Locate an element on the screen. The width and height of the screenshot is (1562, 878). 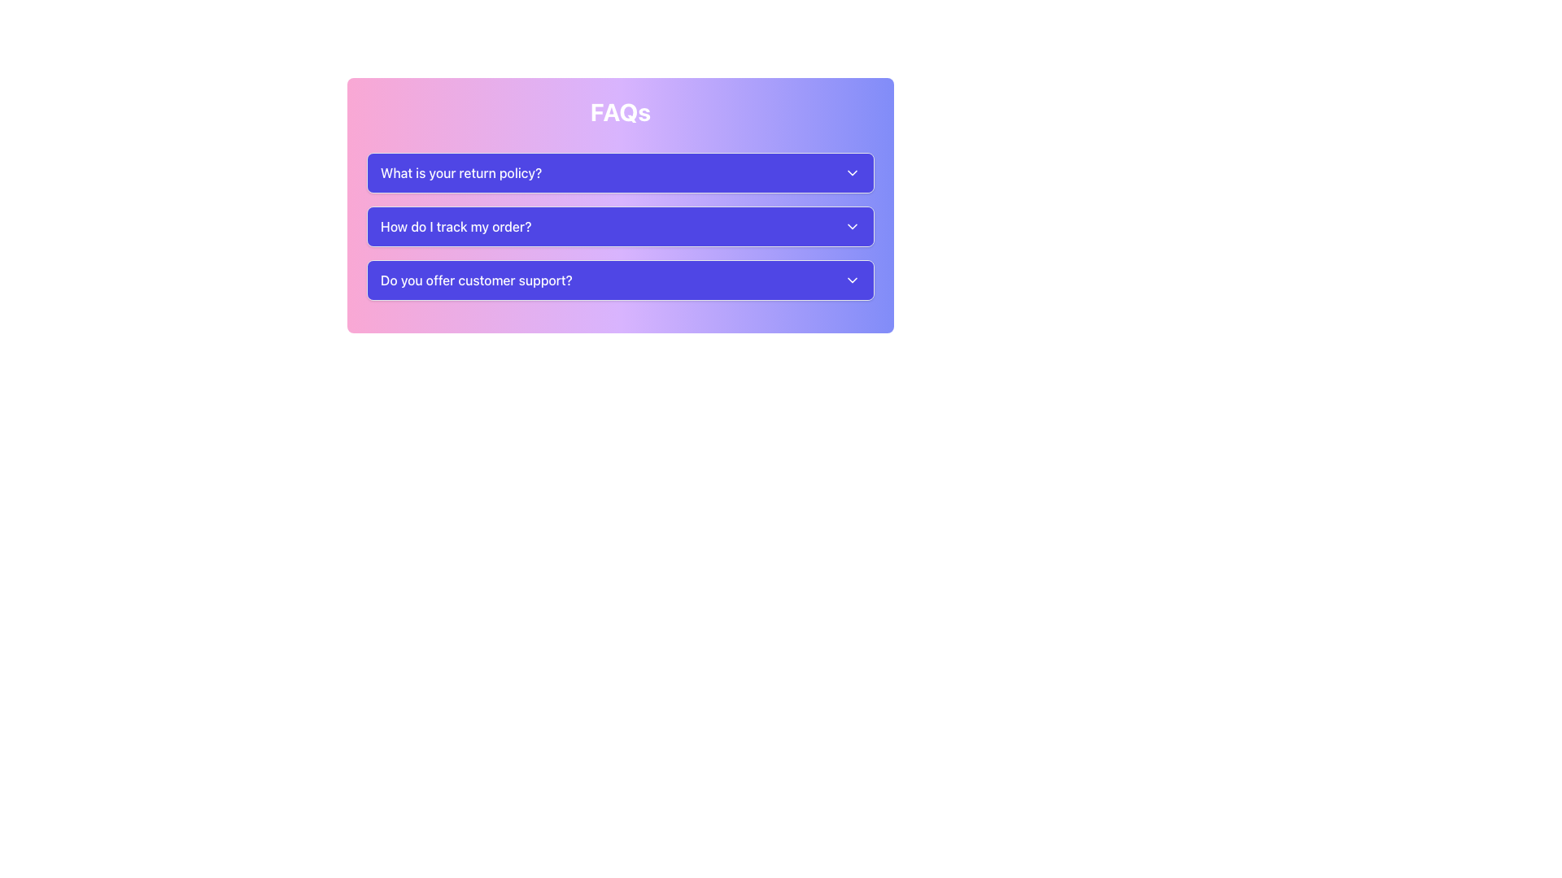
the first button in the vertical stack under the 'FAQs' title is located at coordinates (620, 172).